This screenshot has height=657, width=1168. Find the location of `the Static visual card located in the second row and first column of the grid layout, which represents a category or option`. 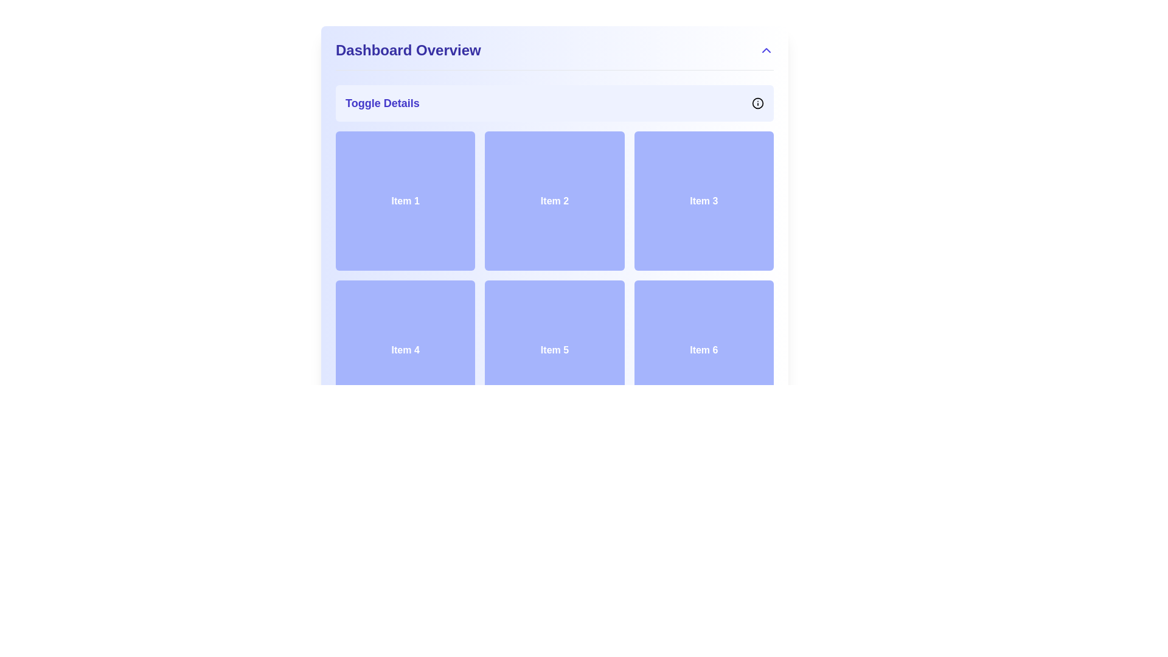

the Static visual card located in the second row and first column of the grid layout, which represents a category or option is located at coordinates (405, 350).